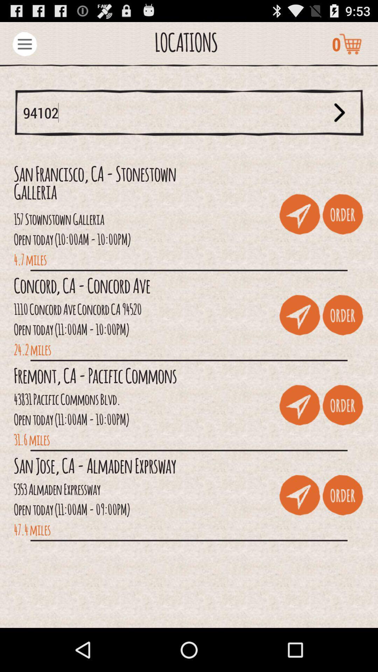 This screenshot has height=672, width=378. Describe the element at coordinates (339, 113) in the screenshot. I see `search` at that location.